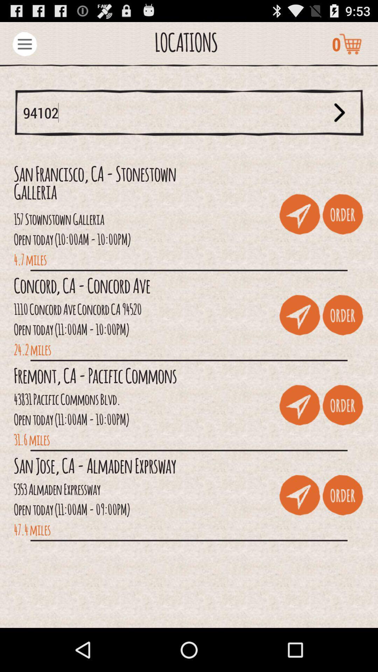 This screenshot has height=672, width=378. Describe the element at coordinates (339, 113) in the screenshot. I see `search` at that location.